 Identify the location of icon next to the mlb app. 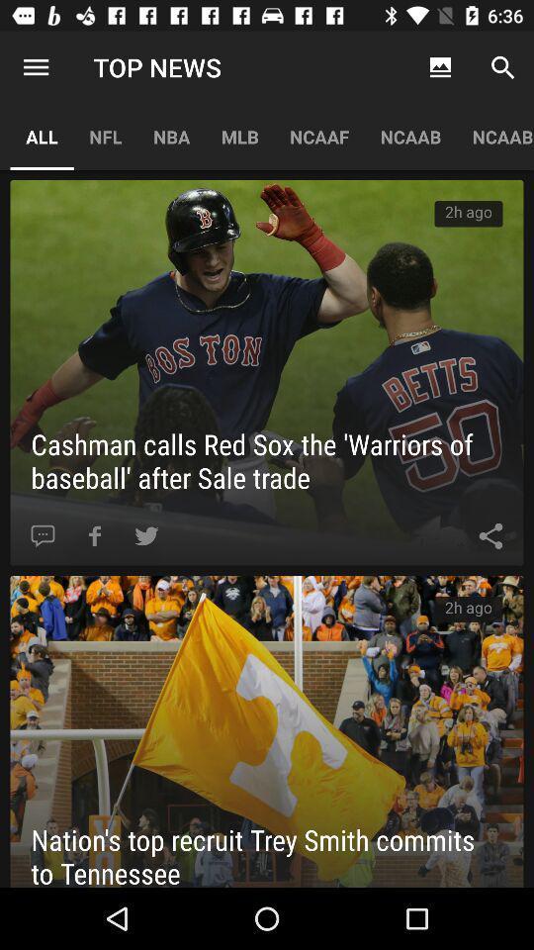
(171, 136).